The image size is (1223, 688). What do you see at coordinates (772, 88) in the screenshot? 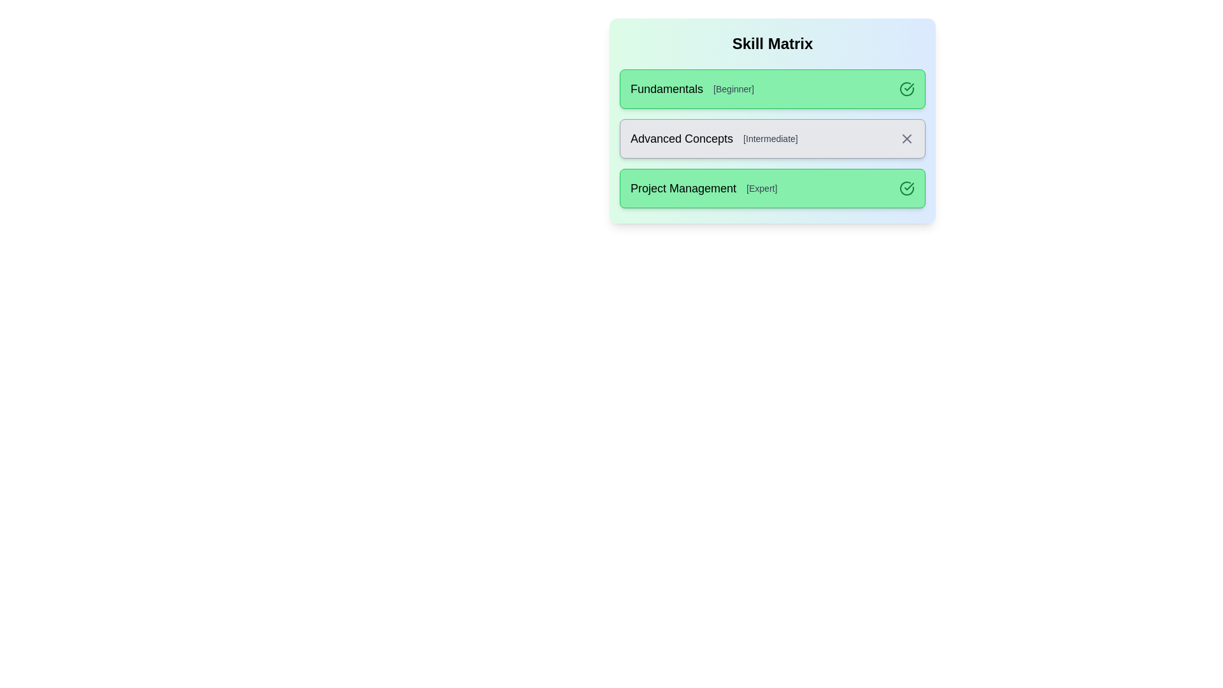
I see `the skill card corresponding to Fundamentals` at bounding box center [772, 88].